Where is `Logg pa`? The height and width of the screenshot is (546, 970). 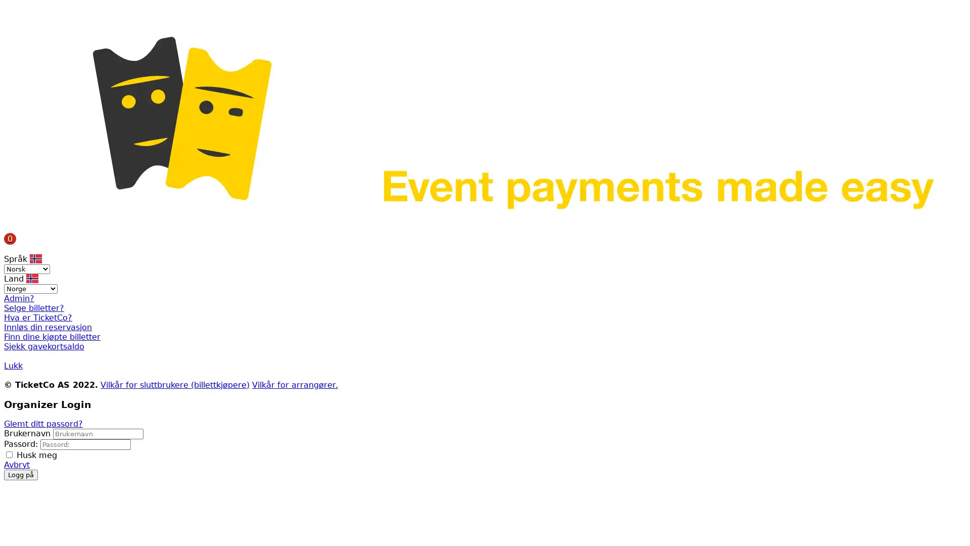 Logg pa is located at coordinates (21, 475).